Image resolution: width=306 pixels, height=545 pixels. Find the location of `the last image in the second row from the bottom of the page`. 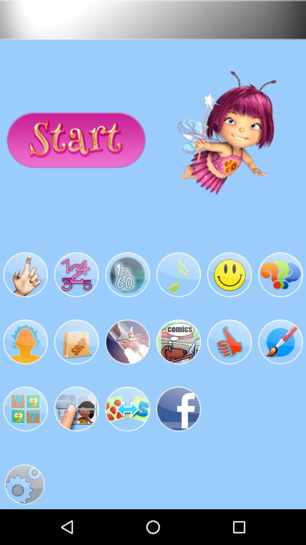

the last image in the second row from the bottom of the page is located at coordinates (178, 409).